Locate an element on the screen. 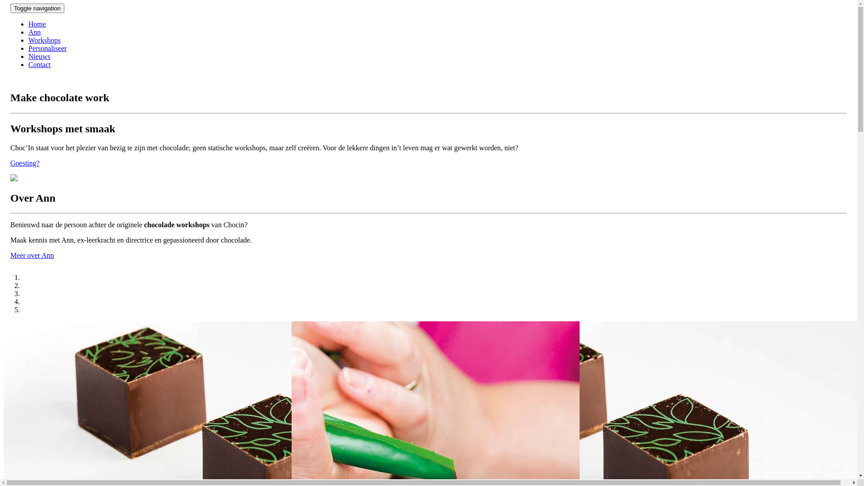 The image size is (864, 486). 'Ann' is located at coordinates (34, 31).